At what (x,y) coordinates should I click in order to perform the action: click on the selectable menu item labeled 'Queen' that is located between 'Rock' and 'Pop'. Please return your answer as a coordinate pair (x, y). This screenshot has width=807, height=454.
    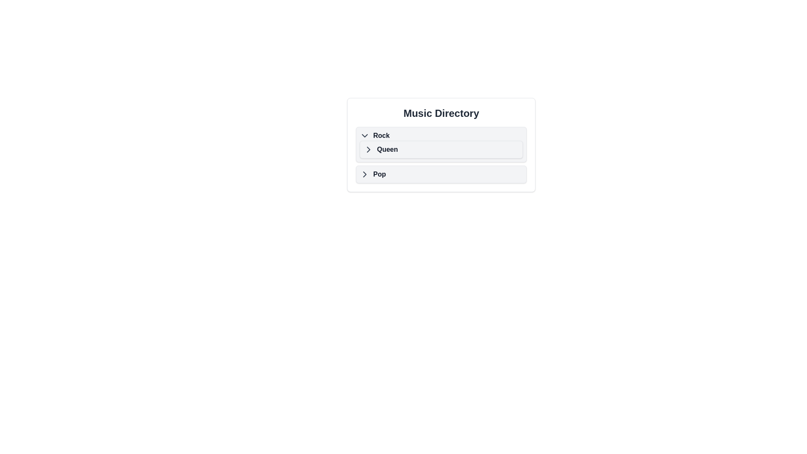
    Looking at the image, I should click on (441, 144).